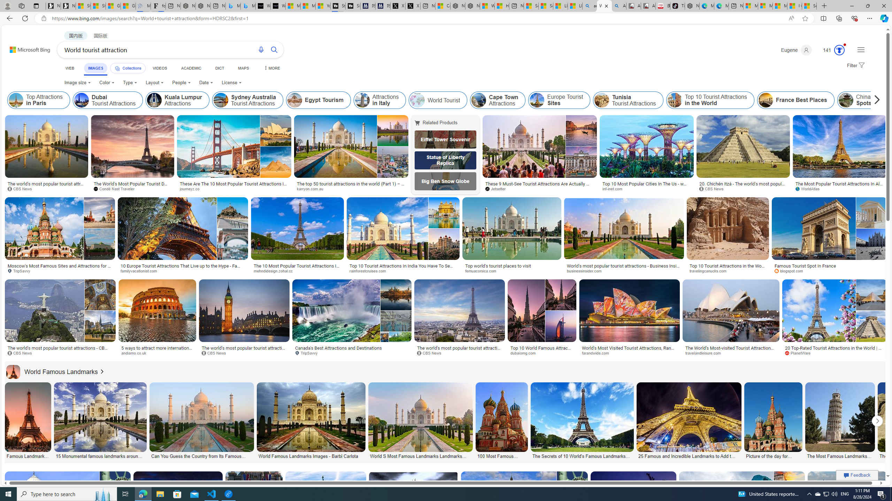 The width and height of the screenshot is (892, 501). What do you see at coordinates (155, 82) in the screenshot?
I see `'Layout'` at bounding box center [155, 82].